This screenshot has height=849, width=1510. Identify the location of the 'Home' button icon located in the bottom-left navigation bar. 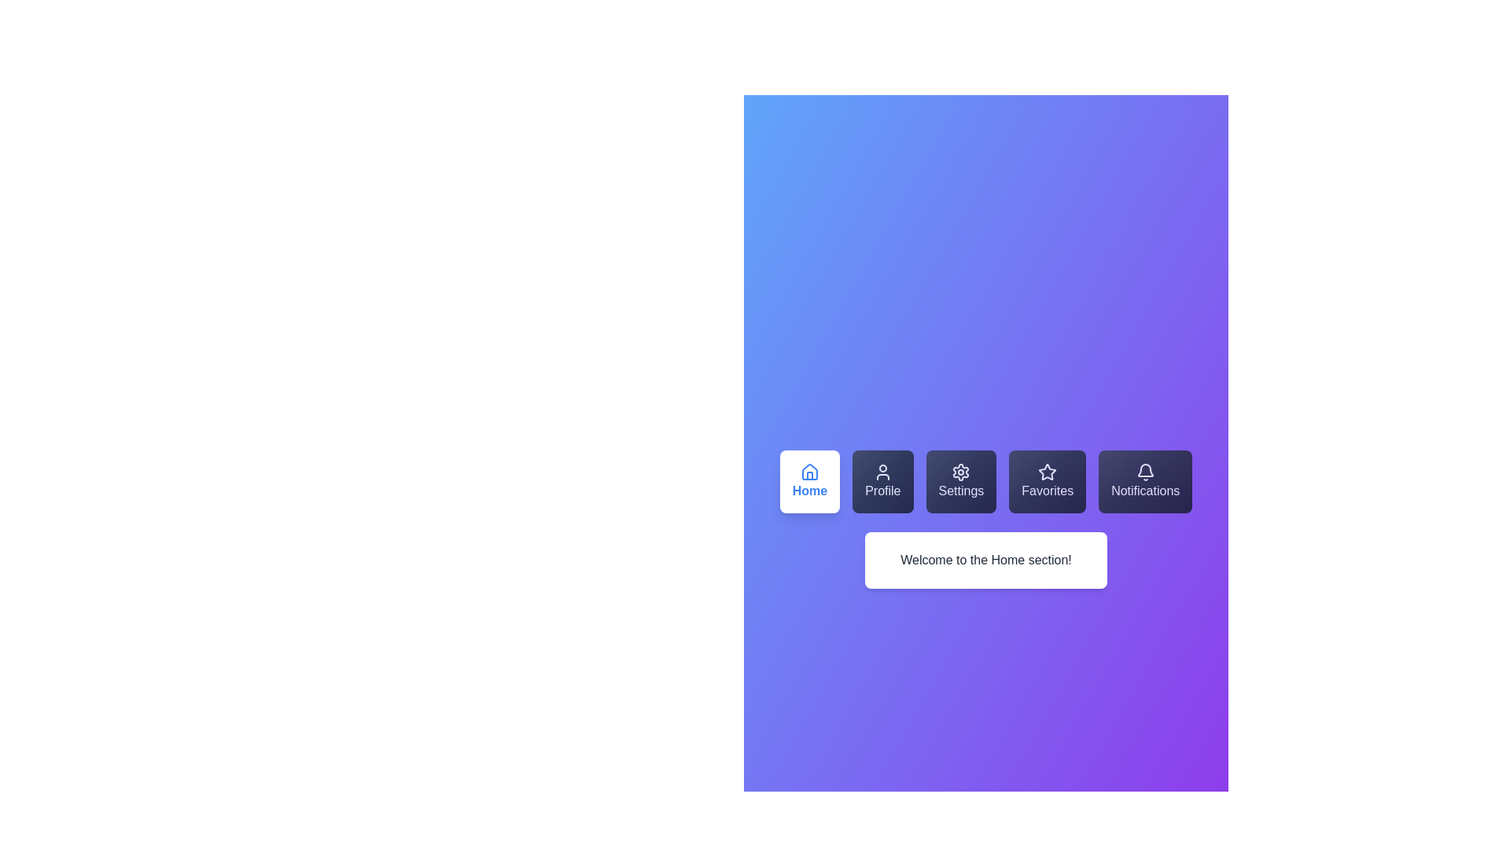
(809, 472).